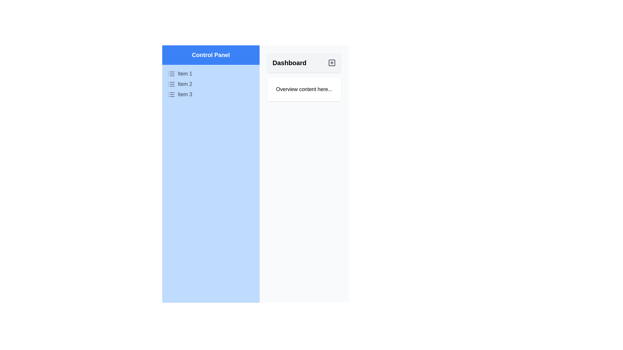 The height and width of the screenshot is (350, 623). What do you see at coordinates (332, 63) in the screenshot?
I see `the Dashboard button icon located at the top right of the main content area` at bounding box center [332, 63].